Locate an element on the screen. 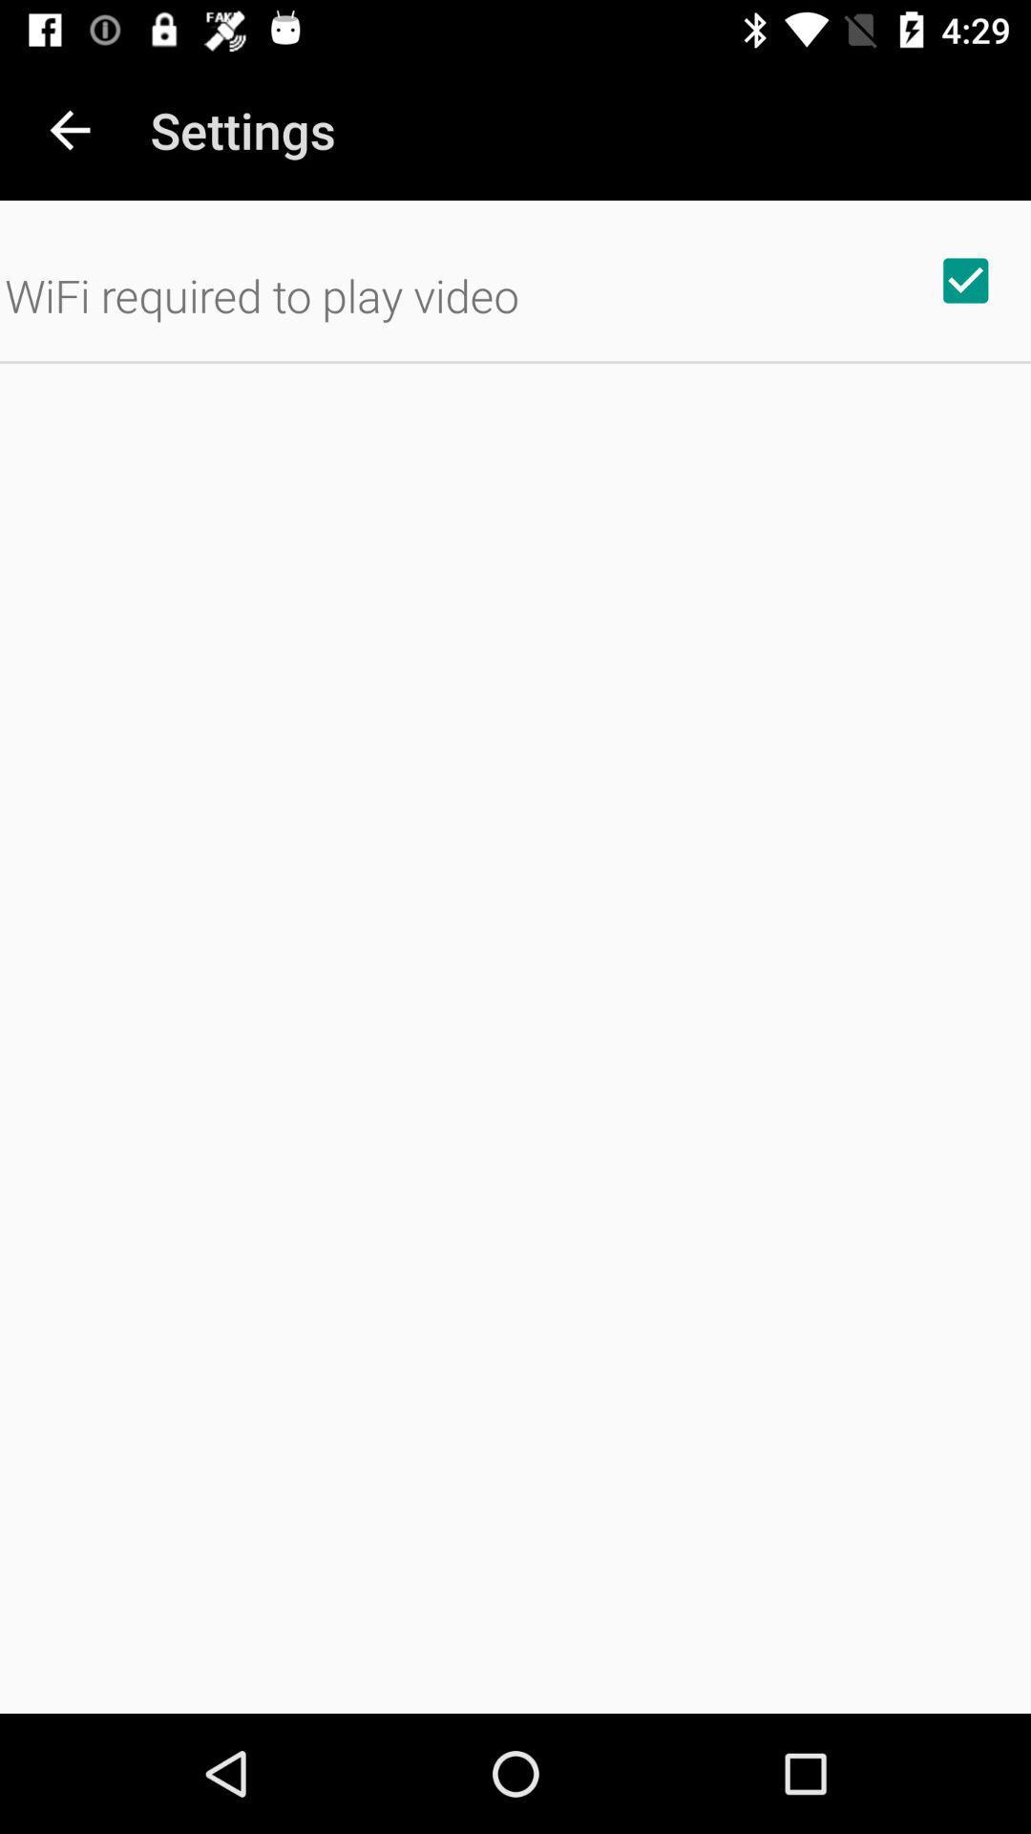 Image resolution: width=1031 pixels, height=1834 pixels. icon to the left of the settings app is located at coordinates (69, 129).